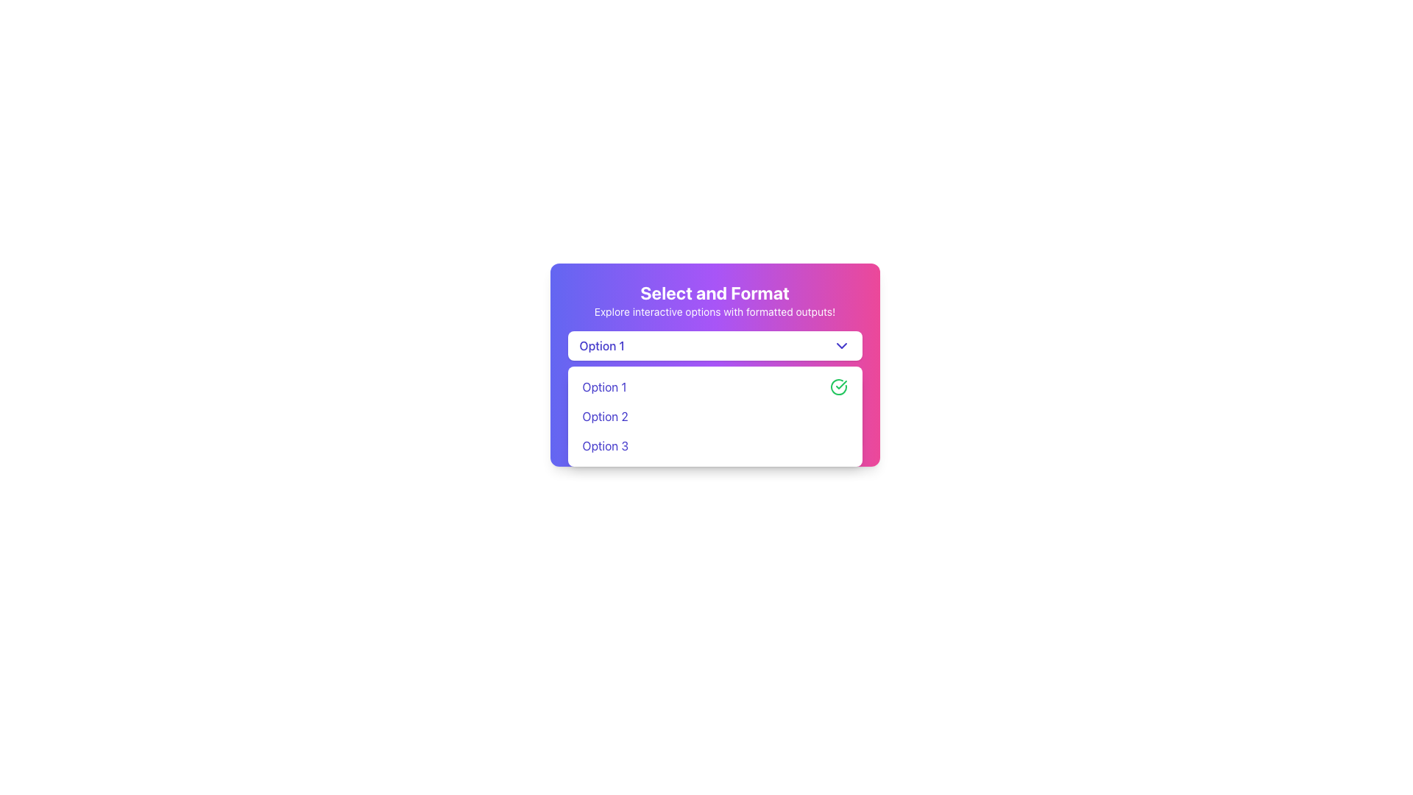  I want to click on to select the dropdown menu option displaying 'Option 2', which is the second item in a dropdown list with a white background and blue font, so click(715, 417).